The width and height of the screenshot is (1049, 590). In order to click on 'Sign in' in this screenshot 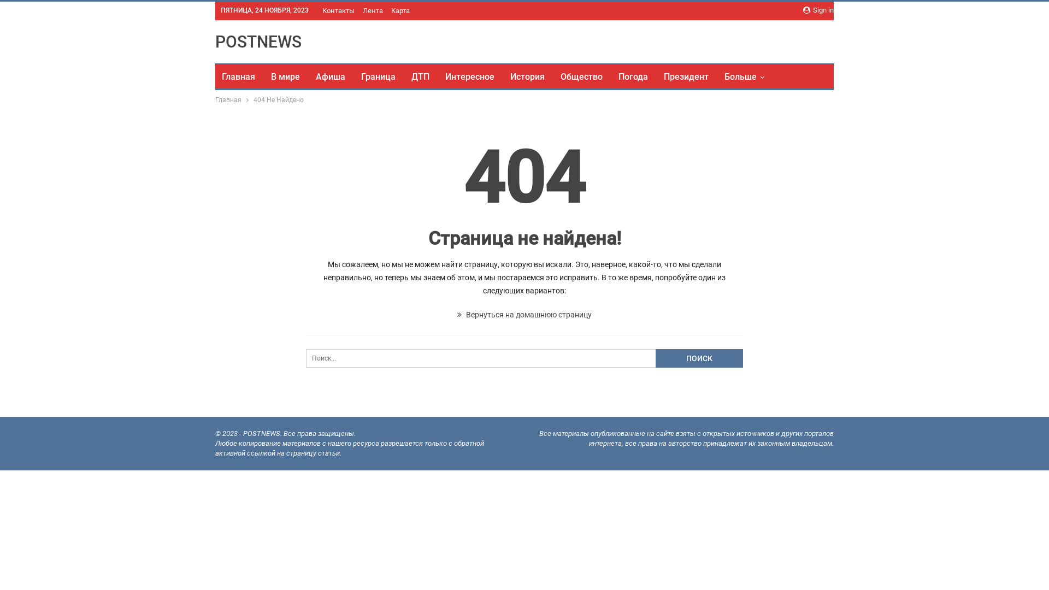, I will do `click(818, 10)`.